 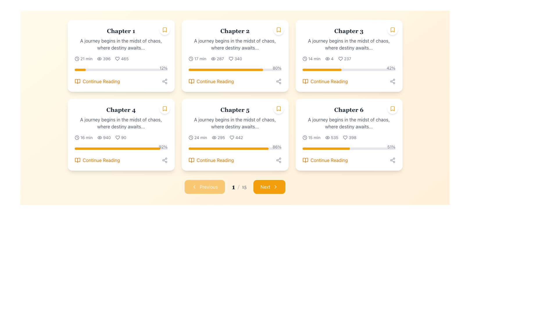 What do you see at coordinates (235, 148) in the screenshot?
I see `the progress bar located within the card titled 'Chapter 5', which indicates the percentage of completion for the corresponding chapter or task` at bounding box center [235, 148].